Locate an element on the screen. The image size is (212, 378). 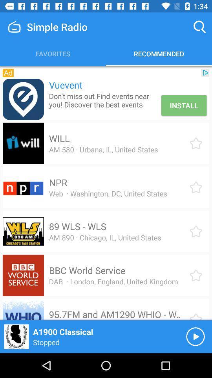
the item above bbc world service is located at coordinates (105, 237).